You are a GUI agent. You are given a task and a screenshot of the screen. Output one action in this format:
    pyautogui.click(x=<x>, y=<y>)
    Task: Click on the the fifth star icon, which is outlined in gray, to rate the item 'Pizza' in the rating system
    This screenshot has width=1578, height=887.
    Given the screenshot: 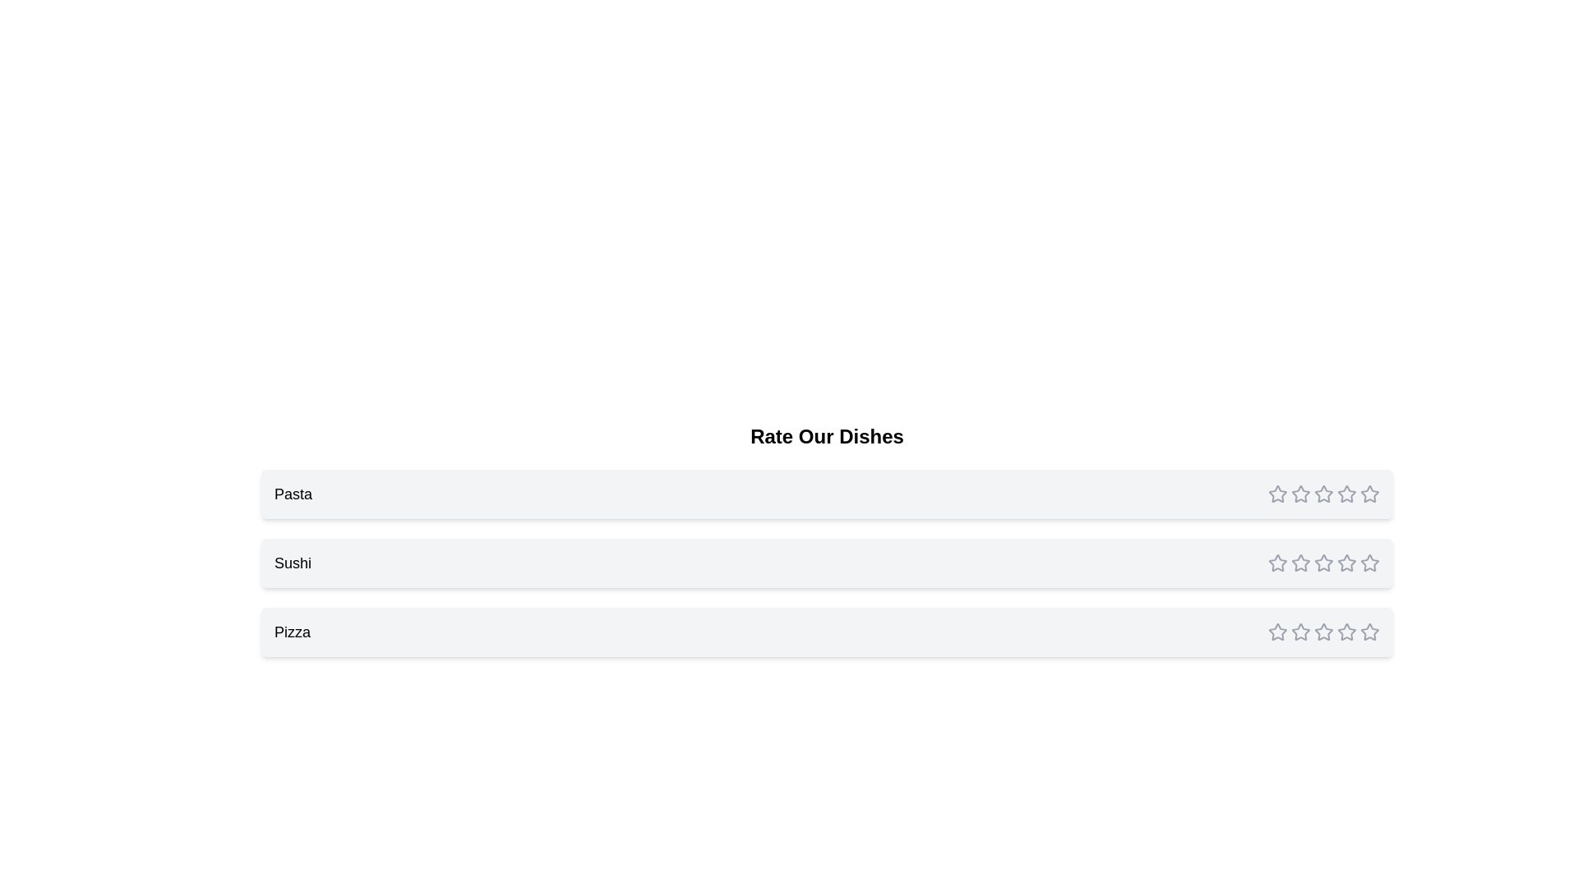 What is the action you would take?
    pyautogui.click(x=1346, y=632)
    